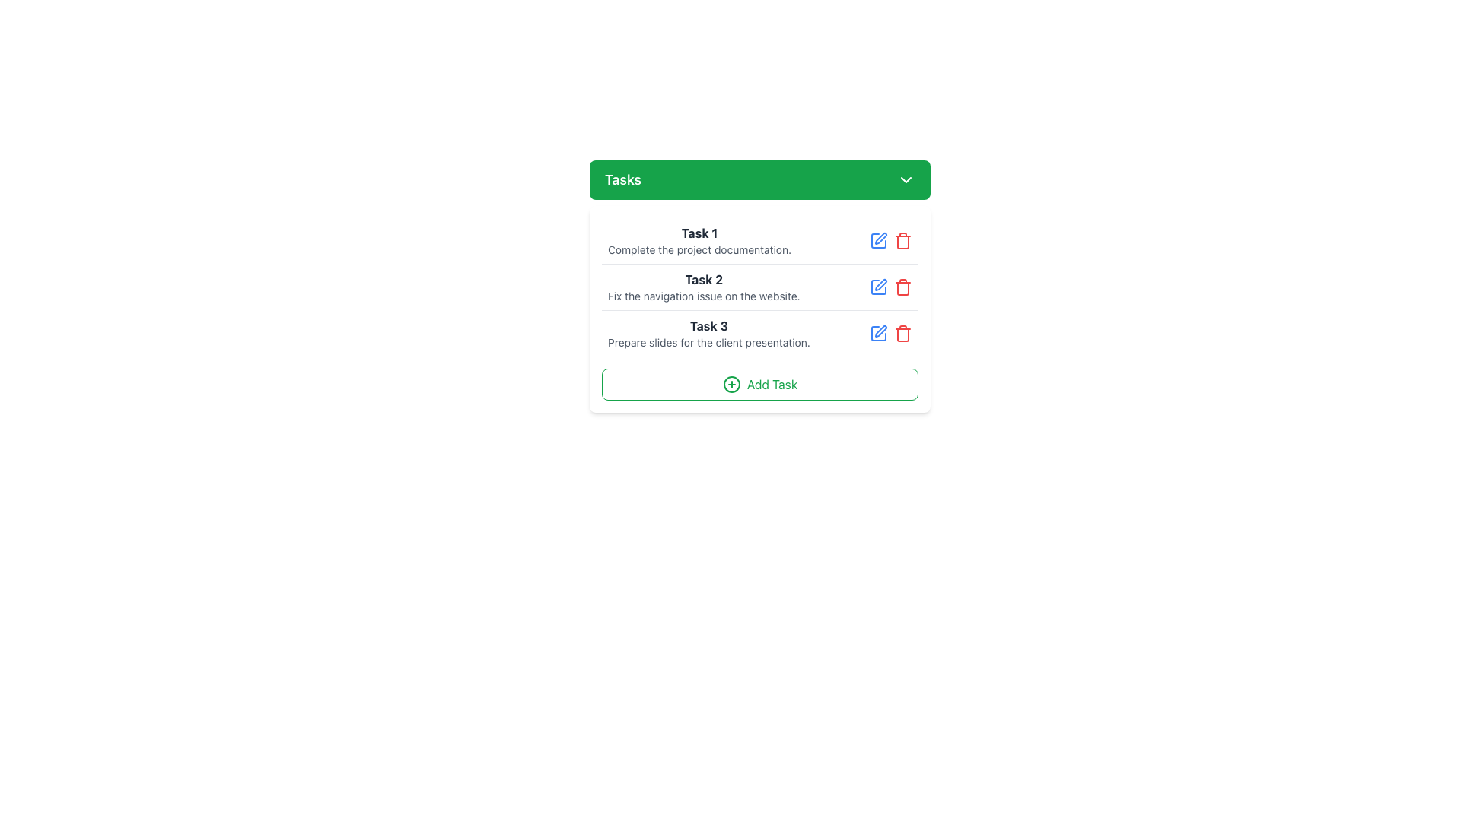 The height and width of the screenshot is (821, 1461). Describe the element at coordinates (699, 239) in the screenshot. I see `the text label displaying 'Task 1'` at that location.